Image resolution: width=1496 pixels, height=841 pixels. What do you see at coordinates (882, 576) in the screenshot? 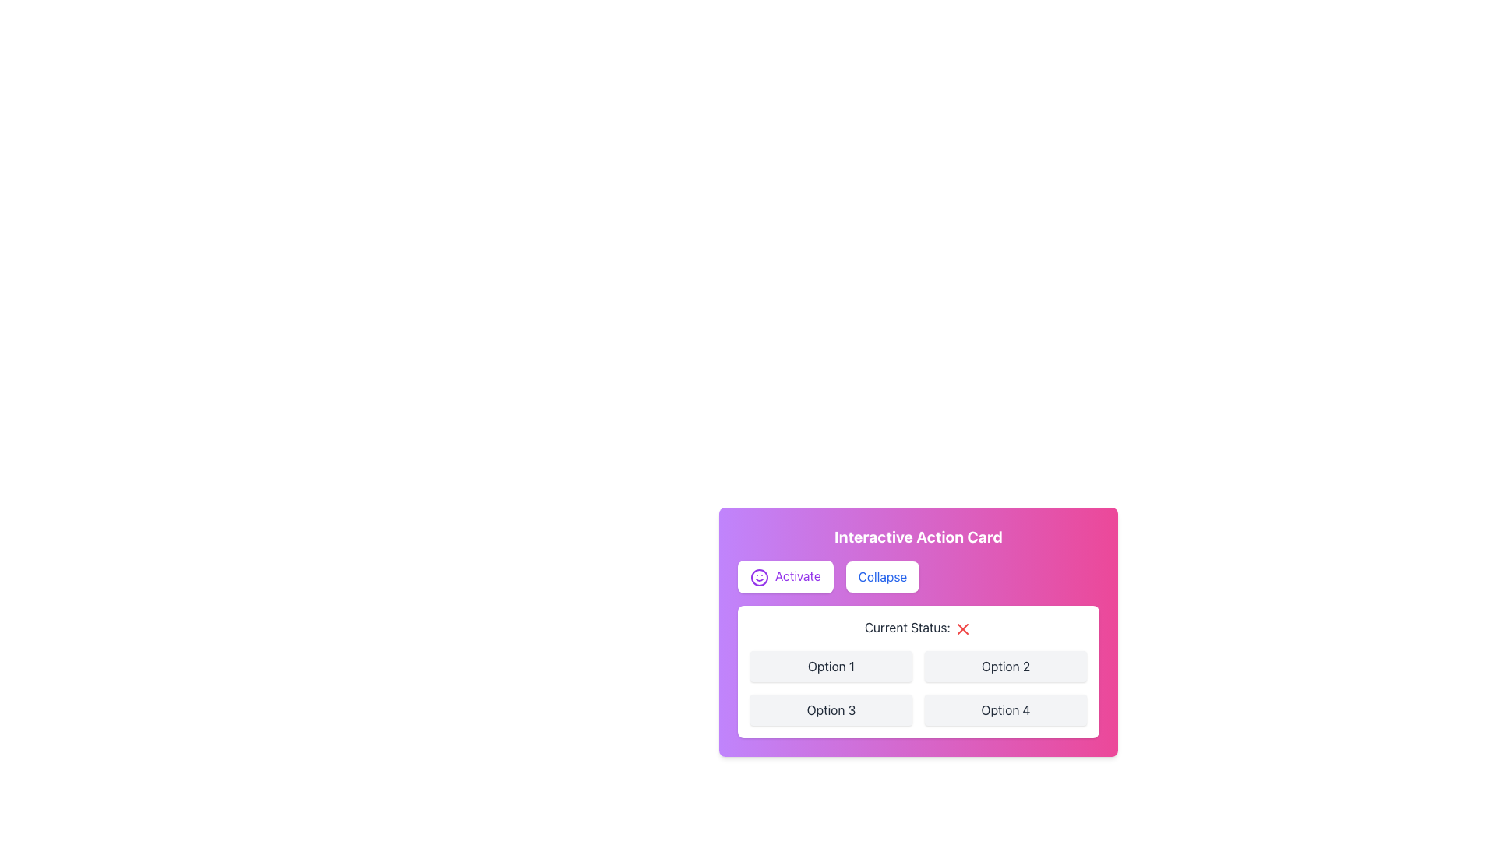
I see `the collapse button located to the right of the 'Activate' button at the top-left section of the card interface` at bounding box center [882, 576].